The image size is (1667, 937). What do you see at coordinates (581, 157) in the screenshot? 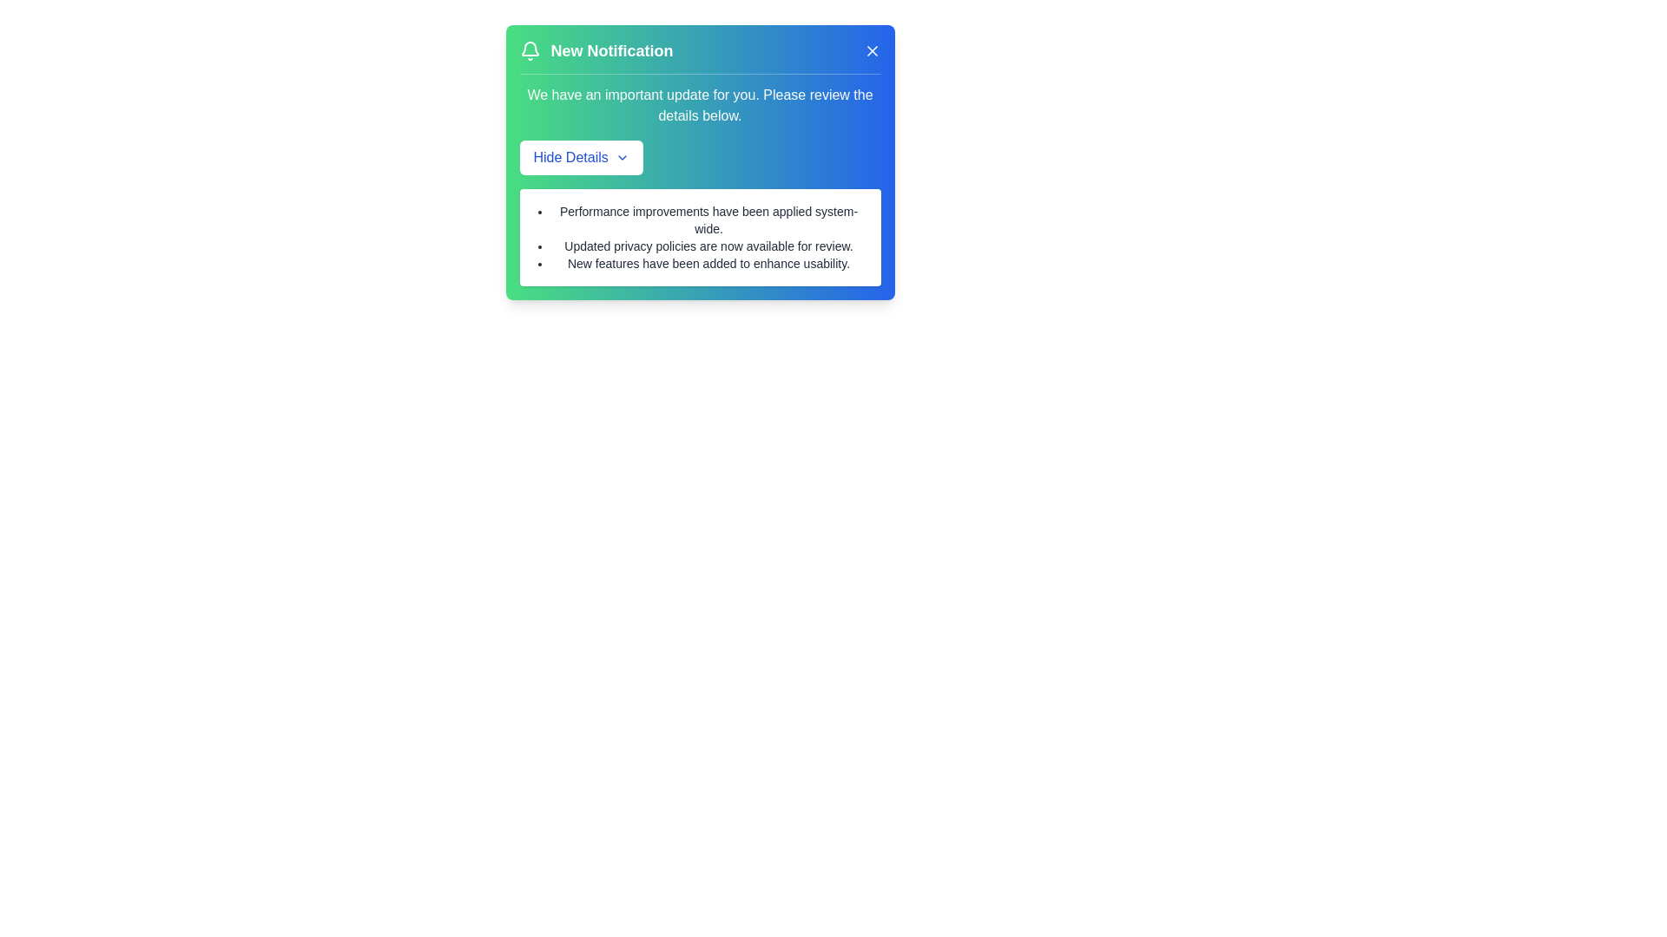
I see `'Hide Details' button to toggle the visibility of the details section` at bounding box center [581, 157].